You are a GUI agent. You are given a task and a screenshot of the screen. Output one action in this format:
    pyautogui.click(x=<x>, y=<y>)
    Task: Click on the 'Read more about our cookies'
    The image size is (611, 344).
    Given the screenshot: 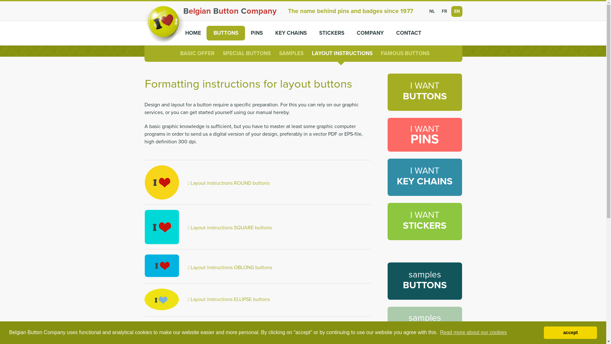 What is the action you would take?
    pyautogui.click(x=474, y=332)
    